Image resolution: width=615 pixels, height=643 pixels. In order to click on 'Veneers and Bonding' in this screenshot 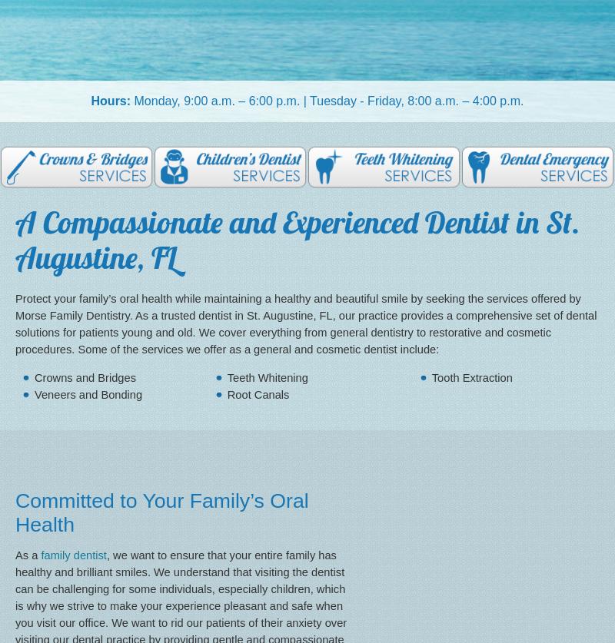, I will do `click(88, 393)`.